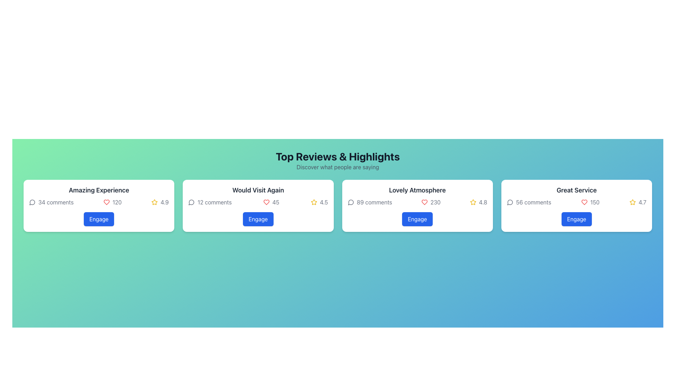 The image size is (676, 380). What do you see at coordinates (473, 202) in the screenshot?
I see `the star icon representing a rating of 4.8, which is styled with a yellow outline and rounded corners, located on the third card from the left in a row of review cards` at bounding box center [473, 202].